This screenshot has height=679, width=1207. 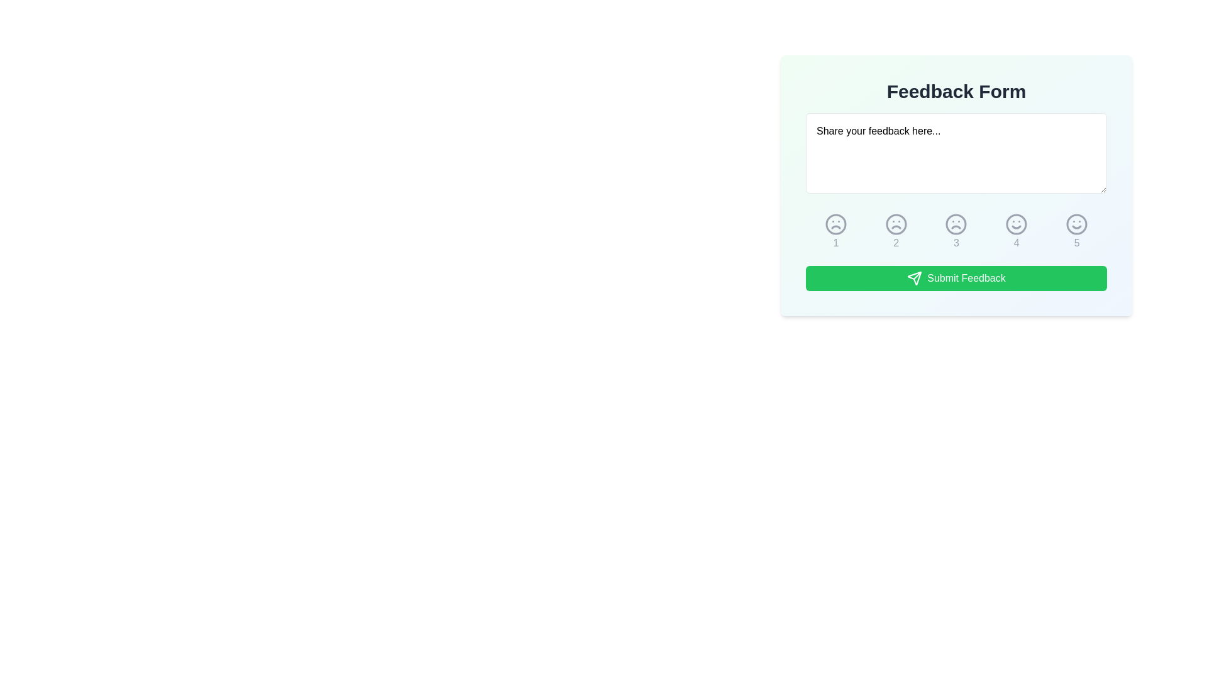 What do you see at coordinates (895, 224) in the screenshot?
I see `the frown emoticon icon, which is the second icon in a series of five rating emoticons` at bounding box center [895, 224].